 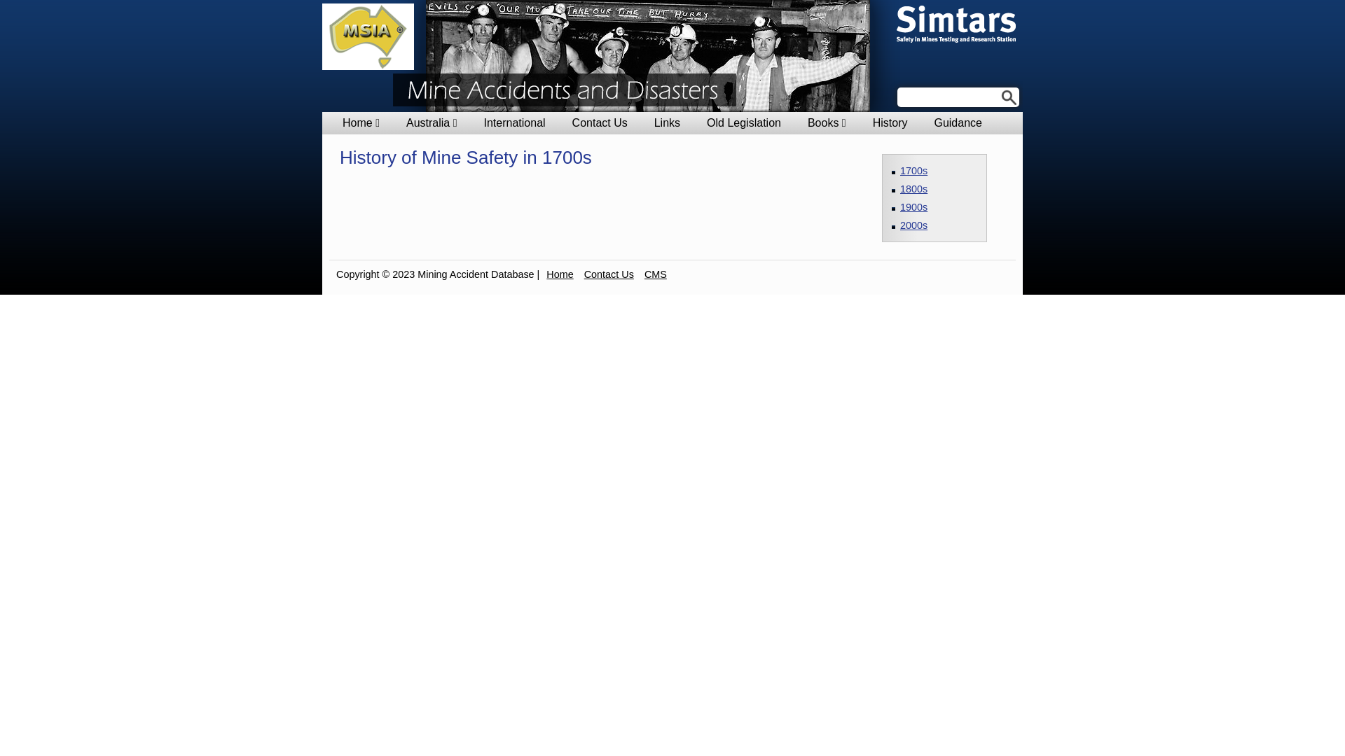 What do you see at coordinates (913, 169) in the screenshot?
I see `'1700s'` at bounding box center [913, 169].